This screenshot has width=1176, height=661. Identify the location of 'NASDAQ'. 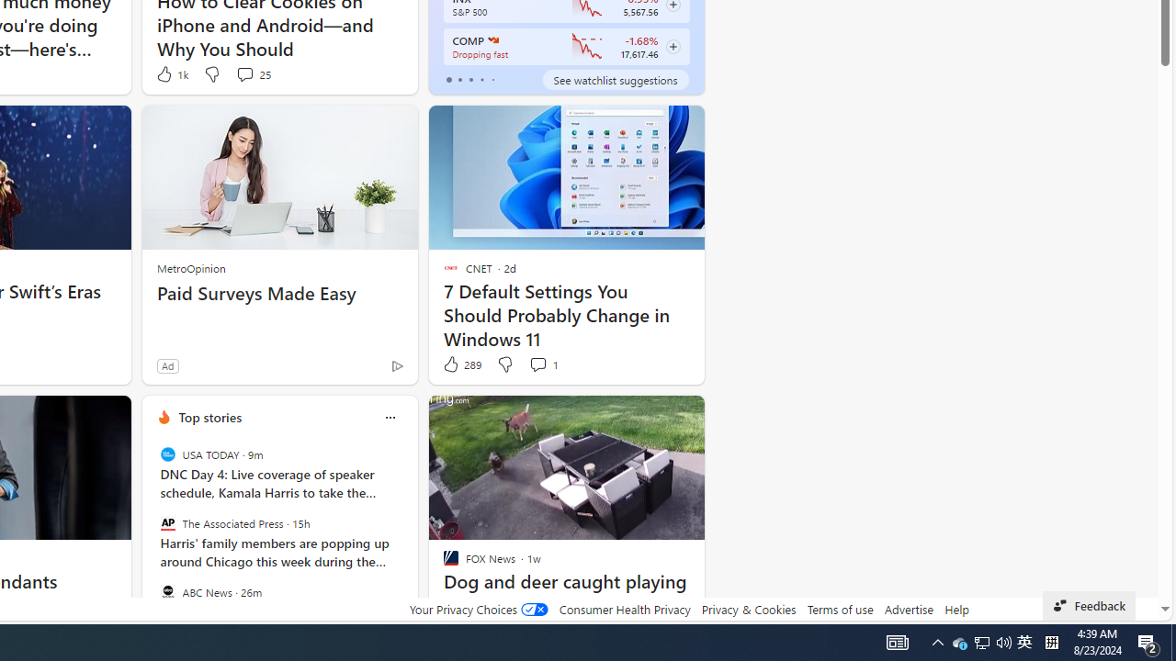
(492, 39).